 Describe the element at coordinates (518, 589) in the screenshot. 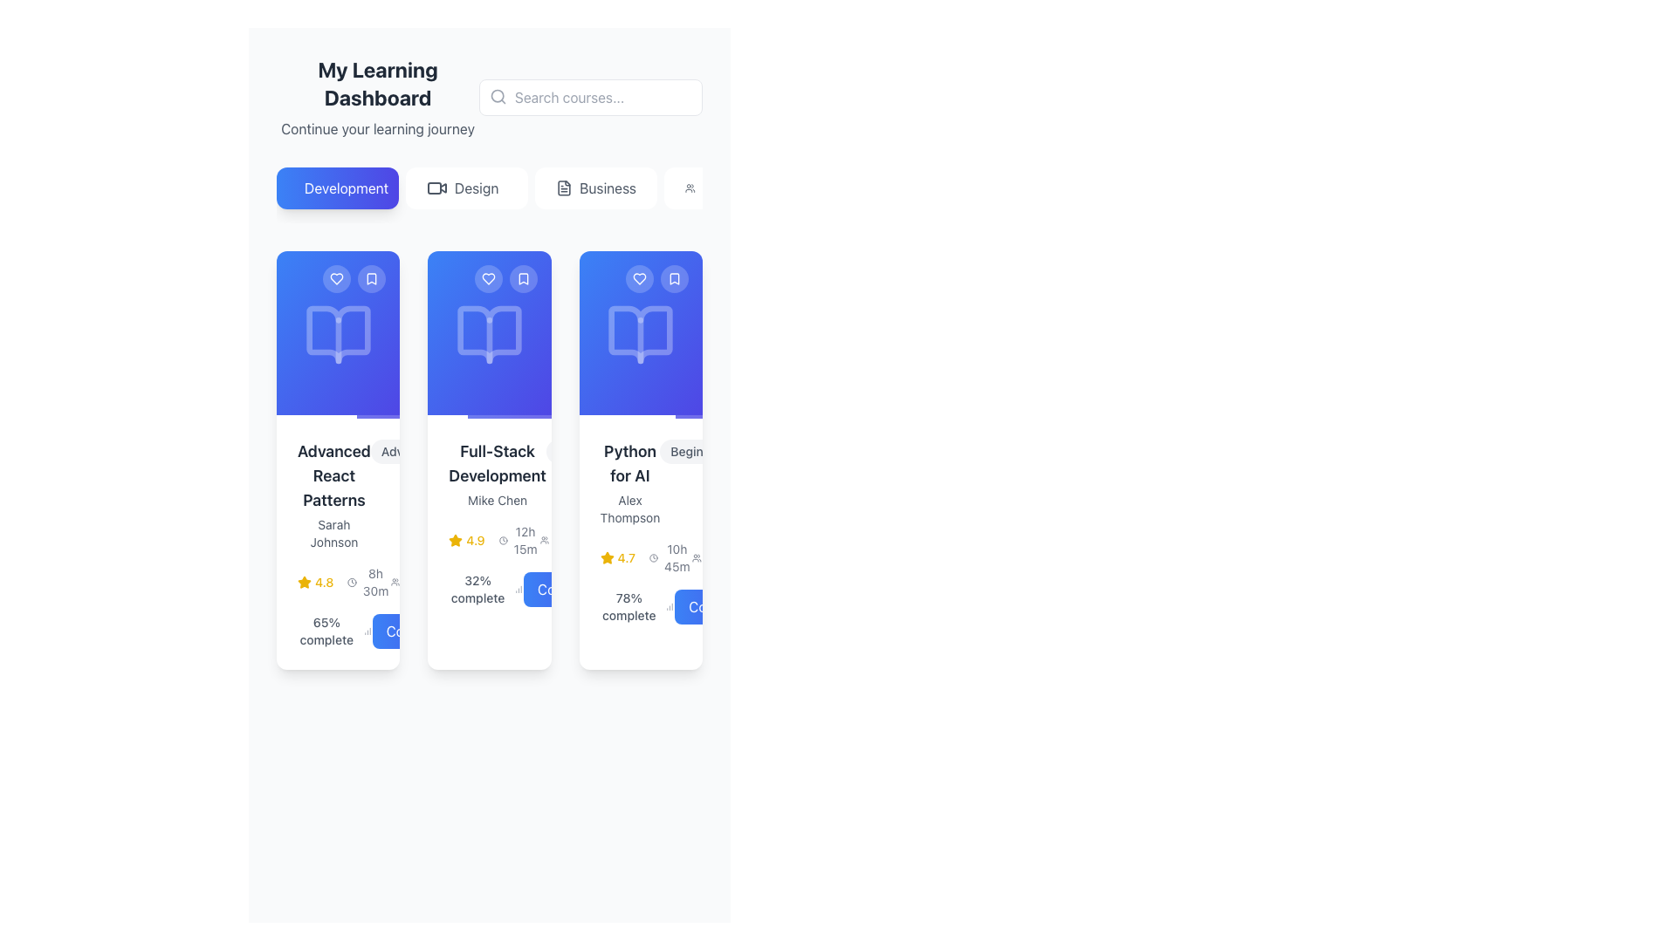

I see `the icon resembling a column chart with increasing bars, styled in grey, located to the right of the text '32% complete' in the second card from the left in the course cards panel` at that location.